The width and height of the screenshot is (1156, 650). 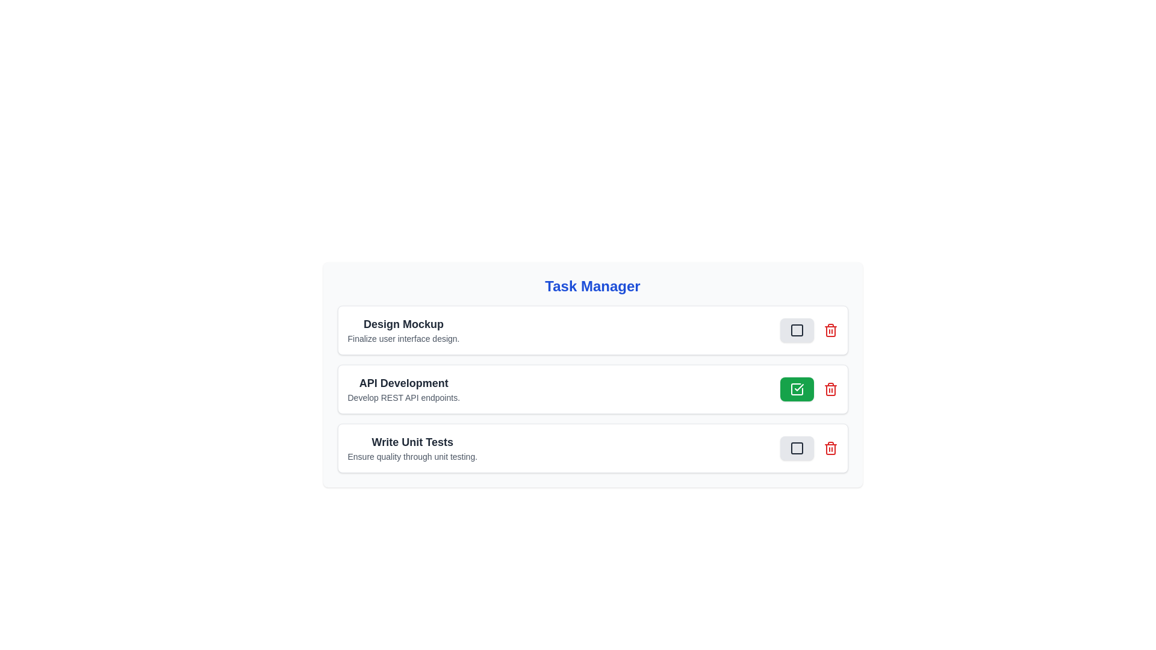 What do you see at coordinates (809, 330) in the screenshot?
I see `the rounded rectangular button with a gray background and a square icon in its center` at bounding box center [809, 330].